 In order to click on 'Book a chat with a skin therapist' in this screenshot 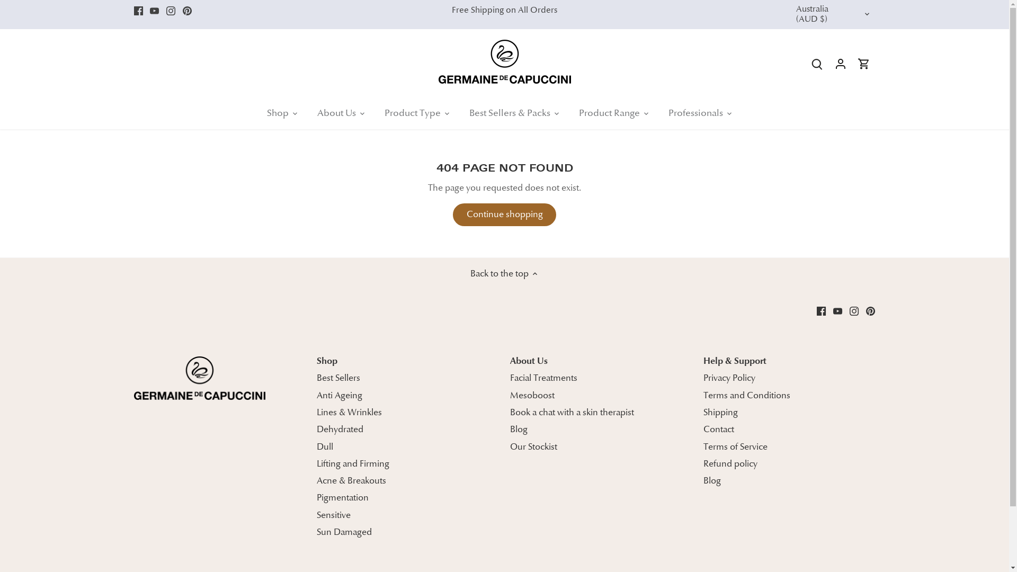, I will do `click(572, 412)`.